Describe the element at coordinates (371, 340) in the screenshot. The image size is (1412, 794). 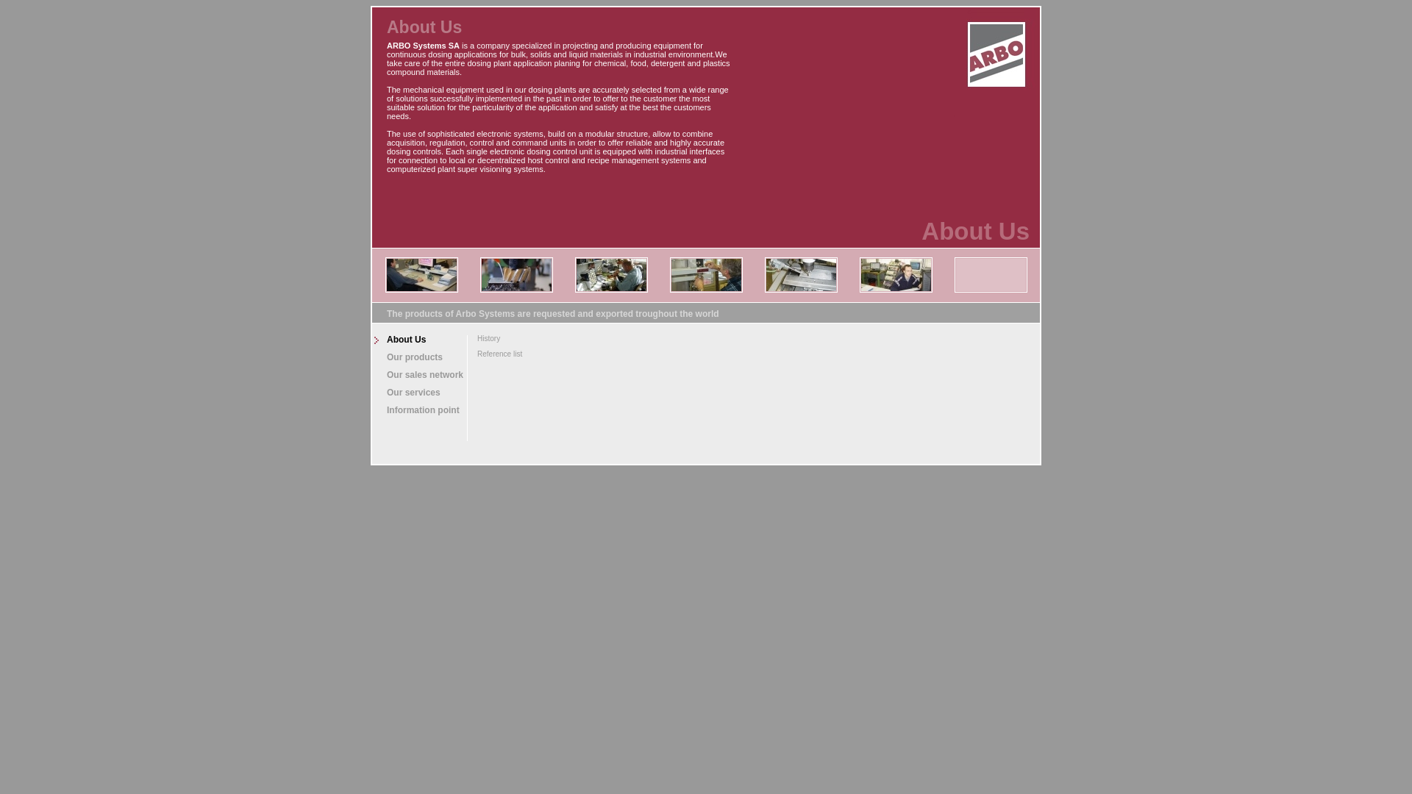
I see `'About Us'` at that location.